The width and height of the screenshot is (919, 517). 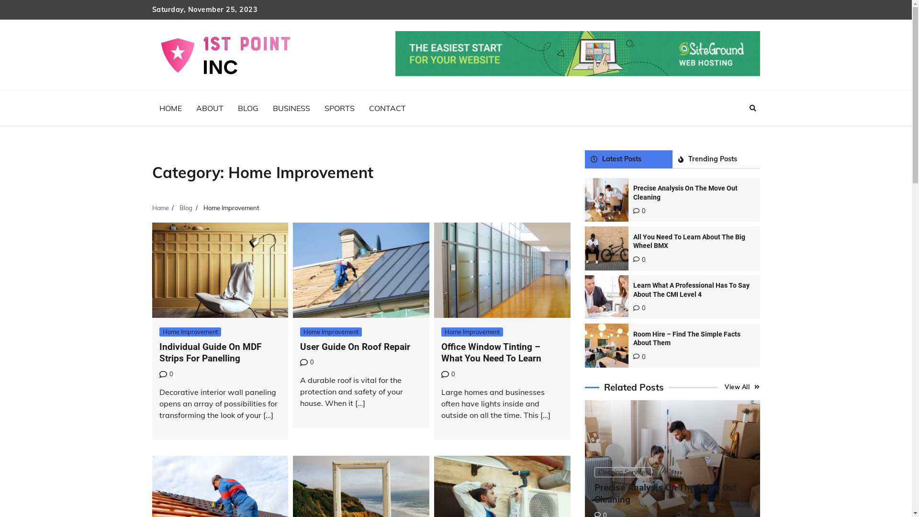 I want to click on 'ABOUT', so click(x=209, y=108).